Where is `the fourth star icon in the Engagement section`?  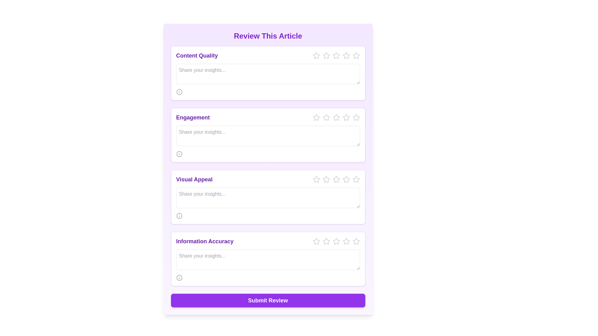 the fourth star icon in the Engagement section is located at coordinates (336, 117).